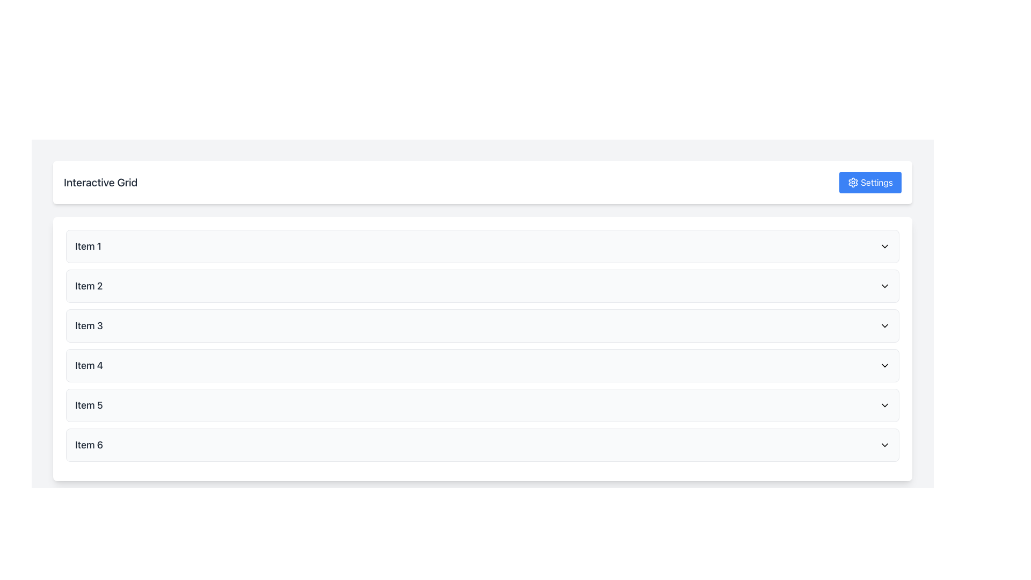 This screenshot has height=580, width=1031. I want to click on the small, downward-facing chevron icon located on the right side of the list item labeled 'Item 2', so click(884, 285).